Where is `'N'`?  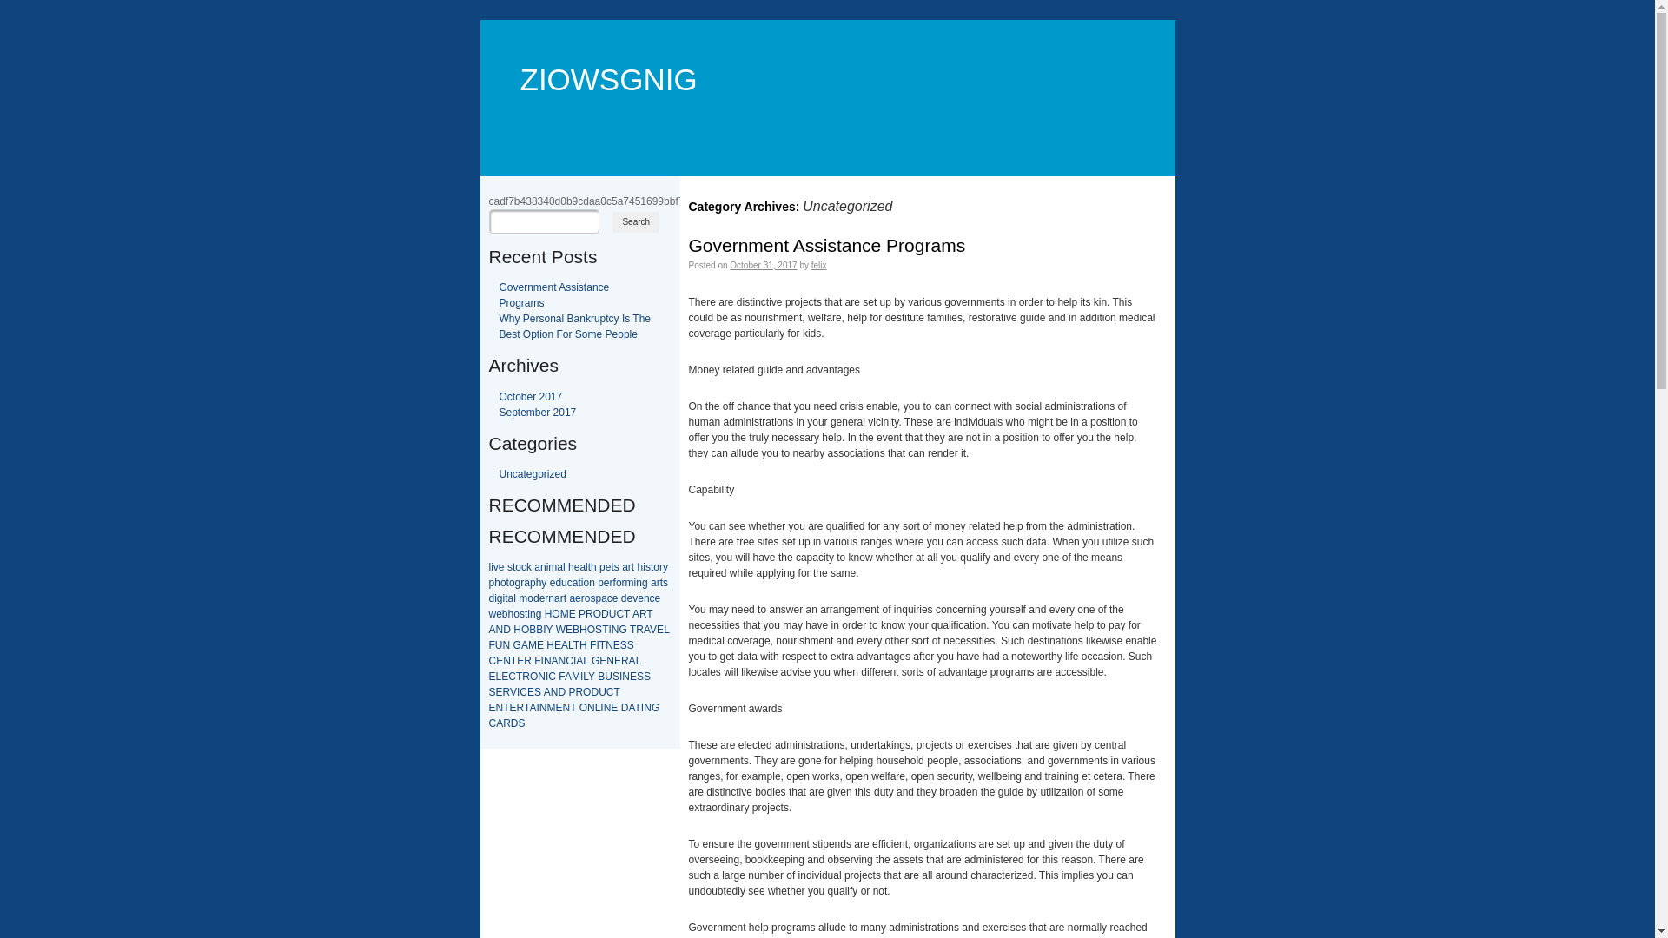 'N' is located at coordinates (542, 707).